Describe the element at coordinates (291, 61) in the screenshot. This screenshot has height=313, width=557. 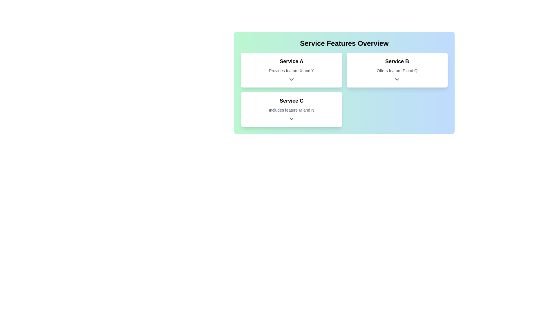
I see `the text label representing 'Service A' located at the top section of the left card among three cards in the interface` at that location.